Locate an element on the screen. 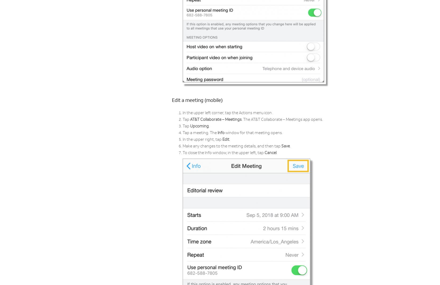 This screenshot has height=285, width=440. 'Cancel' is located at coordinates (264, 153).